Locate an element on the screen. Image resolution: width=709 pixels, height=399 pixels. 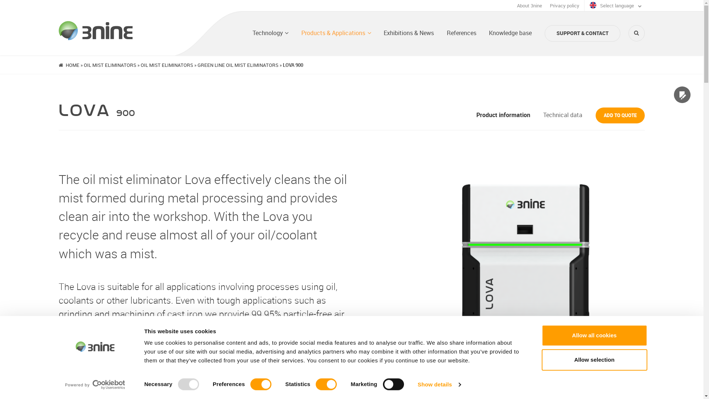
'Select language' is located at coordinates (615, 6).